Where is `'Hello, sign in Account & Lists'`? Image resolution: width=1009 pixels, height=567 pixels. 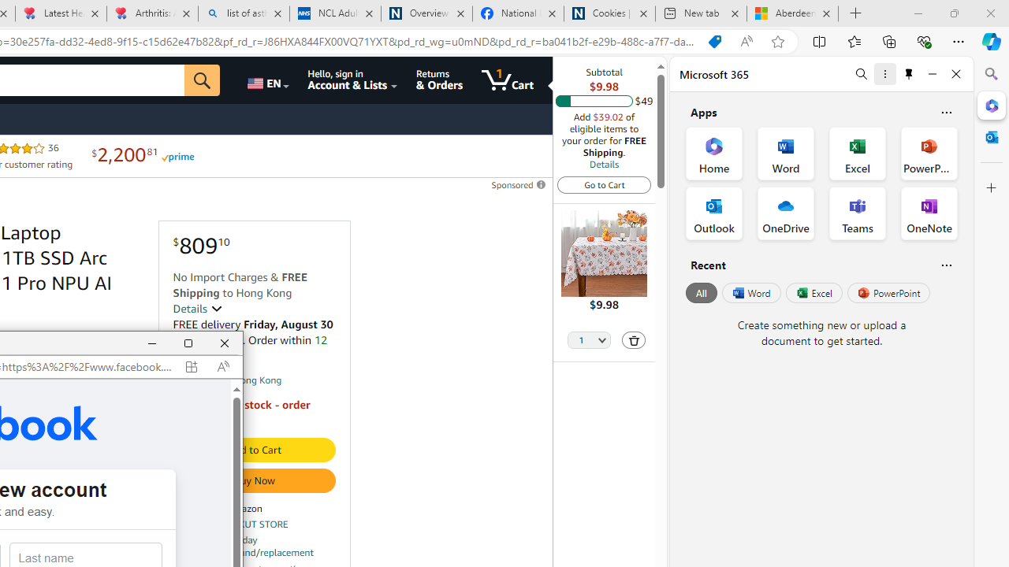 'Hello, sign in Account & Lists' is located at coordinates (352, 80).